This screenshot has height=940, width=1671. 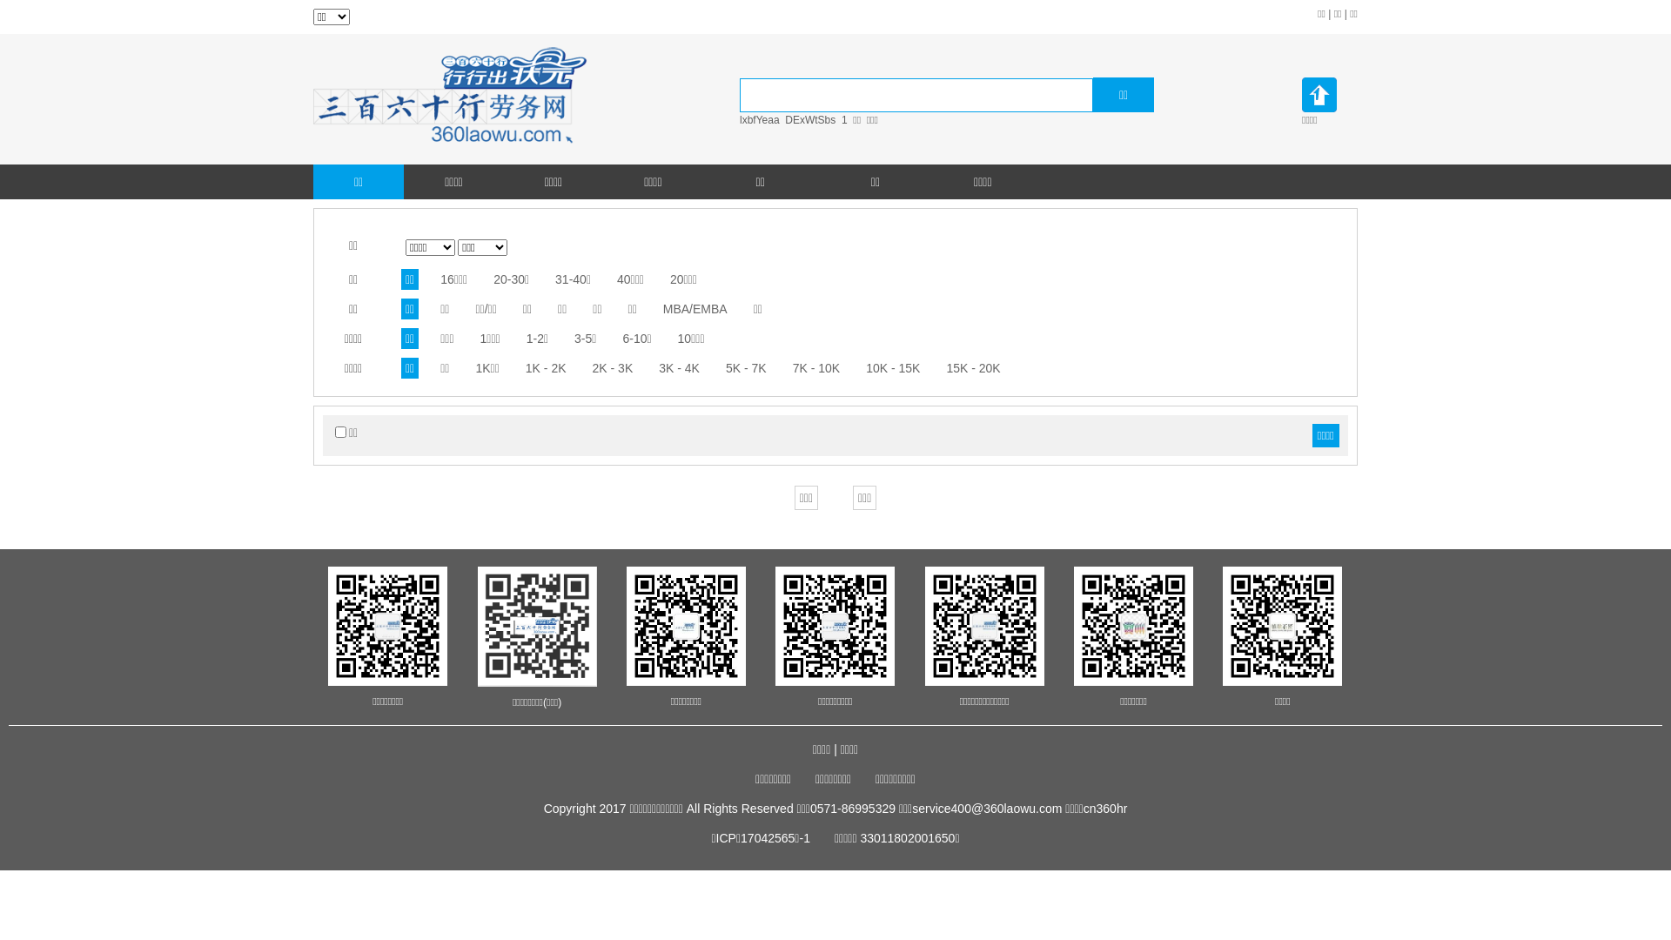 I want to click on '5K - 7K', so click(x=746, y=367).